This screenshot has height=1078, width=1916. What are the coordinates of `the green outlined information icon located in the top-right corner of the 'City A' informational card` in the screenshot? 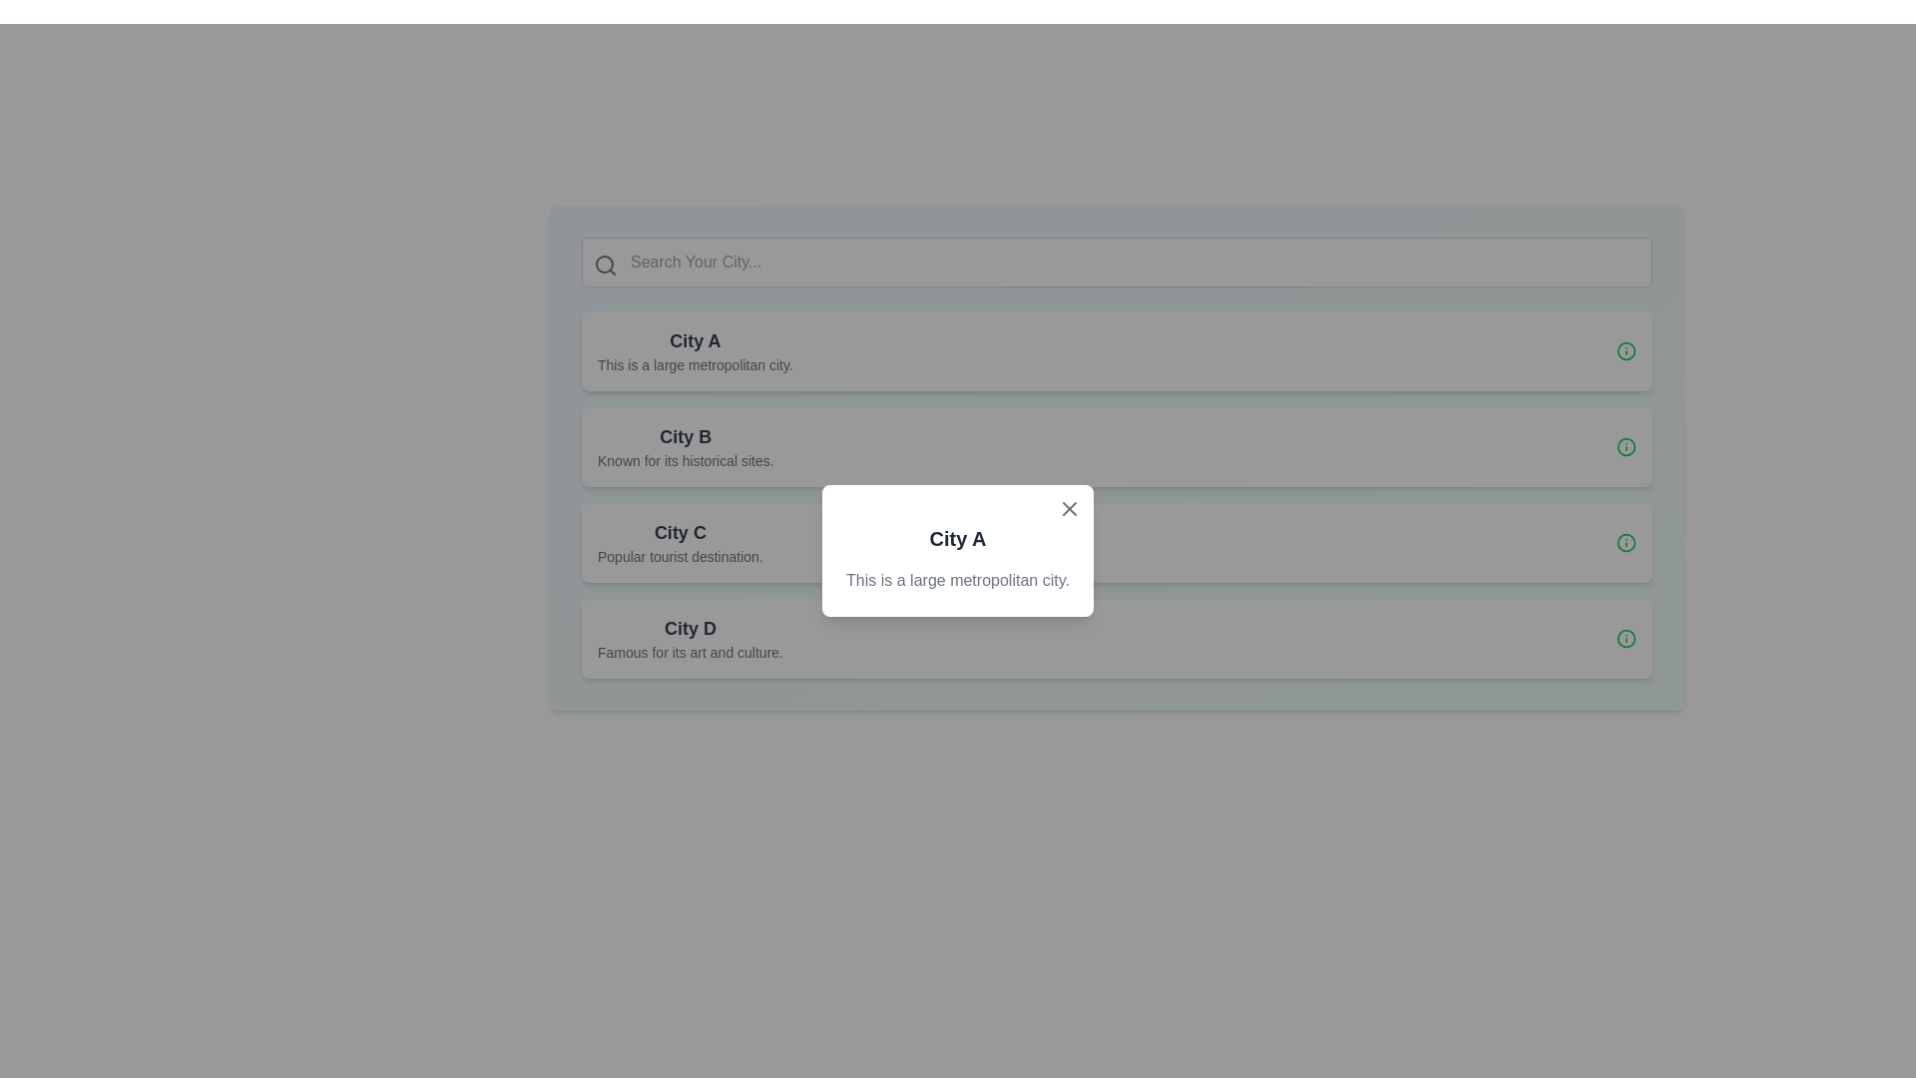 It's located at (1627, 349).